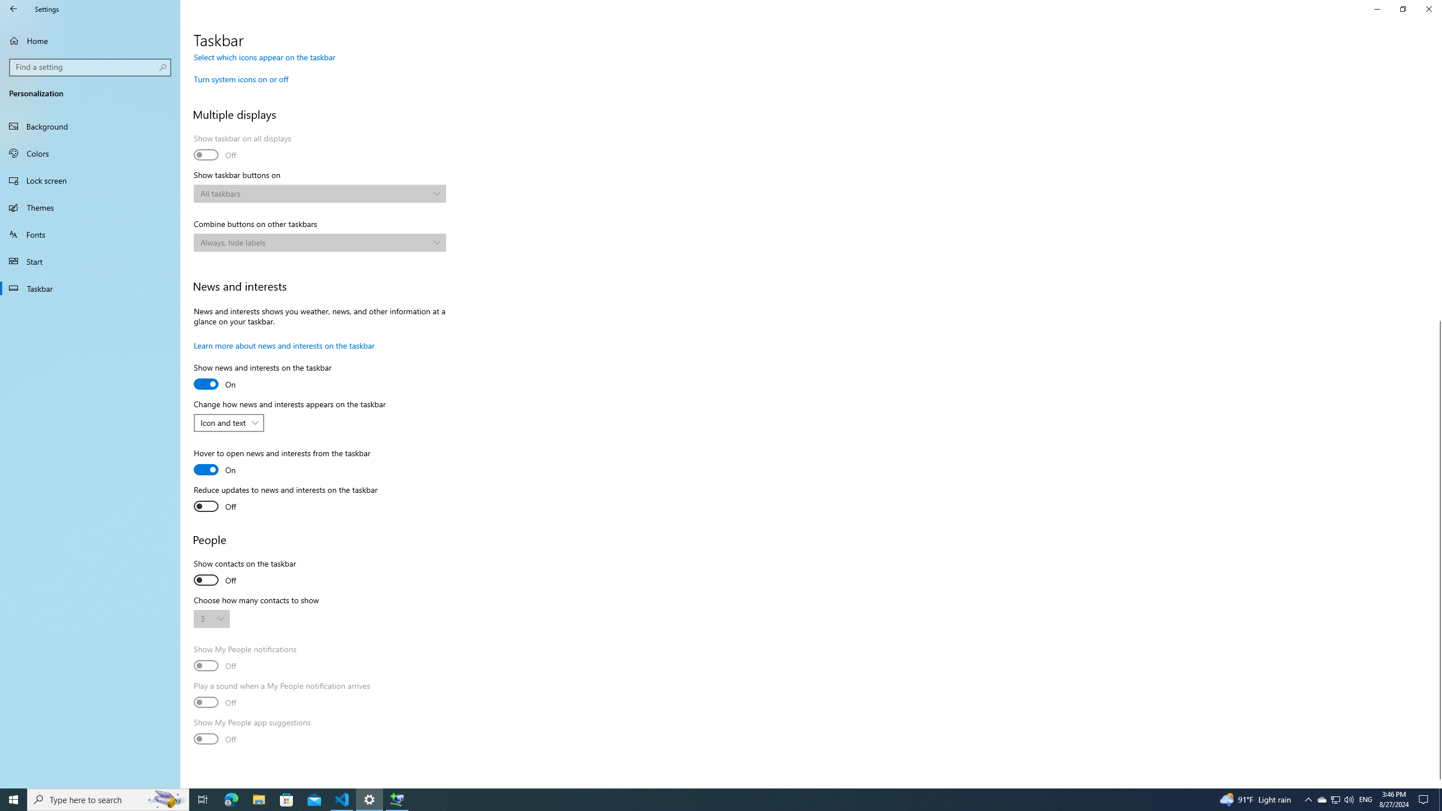  What do you see at coordinates (1437, 58) in the screenshot?
I see `'Vertical Small Decrease'` at bounding box center [1437, 58].